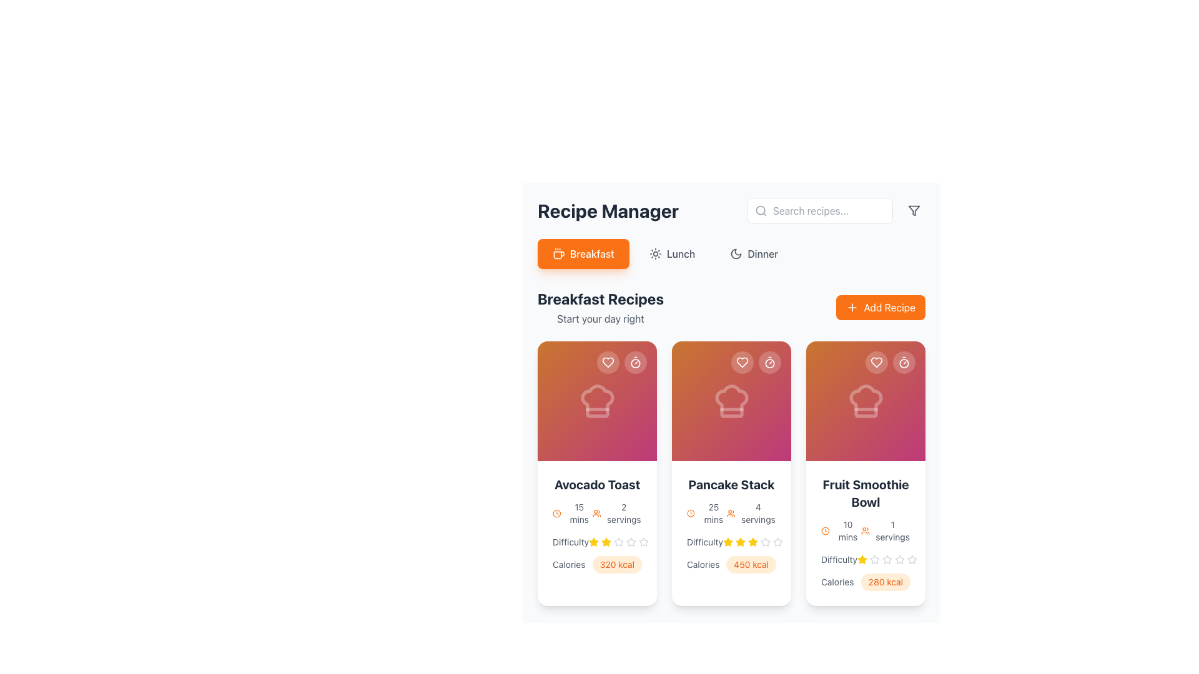 The height and width of the screenshot is (674, 1199). What do you see at coordinates (886, 559) in the screenshot?
I see `the third star icon in the 'Difficulty' rating component of the 'Fruit Smoothie Bowl' recipe card` at bounding box center [886, 559].